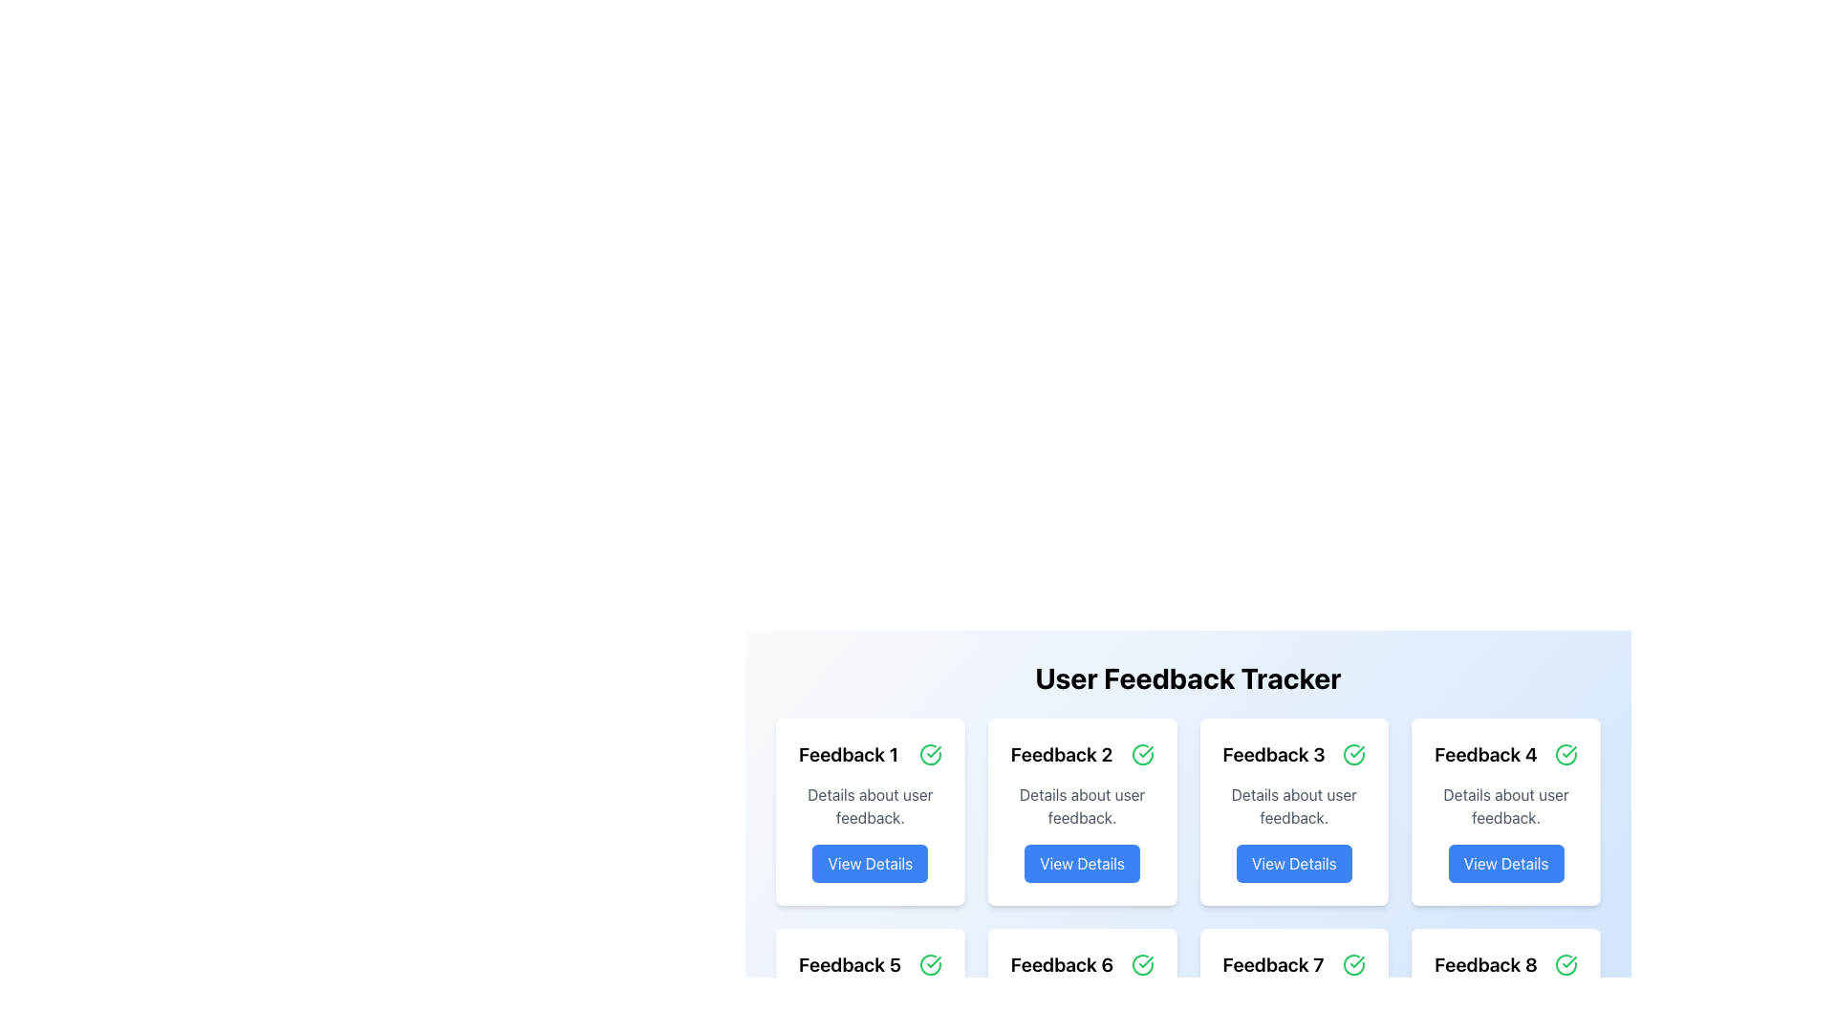 This screenshot has width=1835, height=1032. Describe the element at coordinates (930, 754) in the screenshot. I see `the validation icon located near the top-right of the 'Feedback 1' section for status indication` at that location.